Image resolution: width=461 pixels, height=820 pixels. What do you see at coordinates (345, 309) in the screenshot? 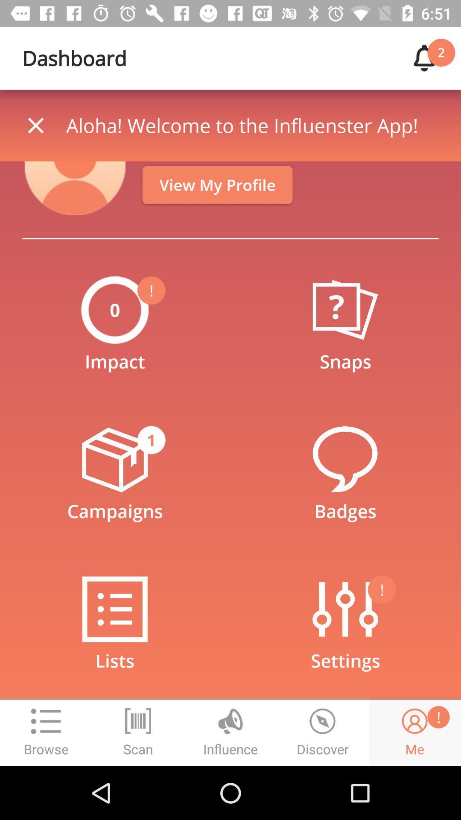
I see `the help icon` at bounding box center [345, 309].